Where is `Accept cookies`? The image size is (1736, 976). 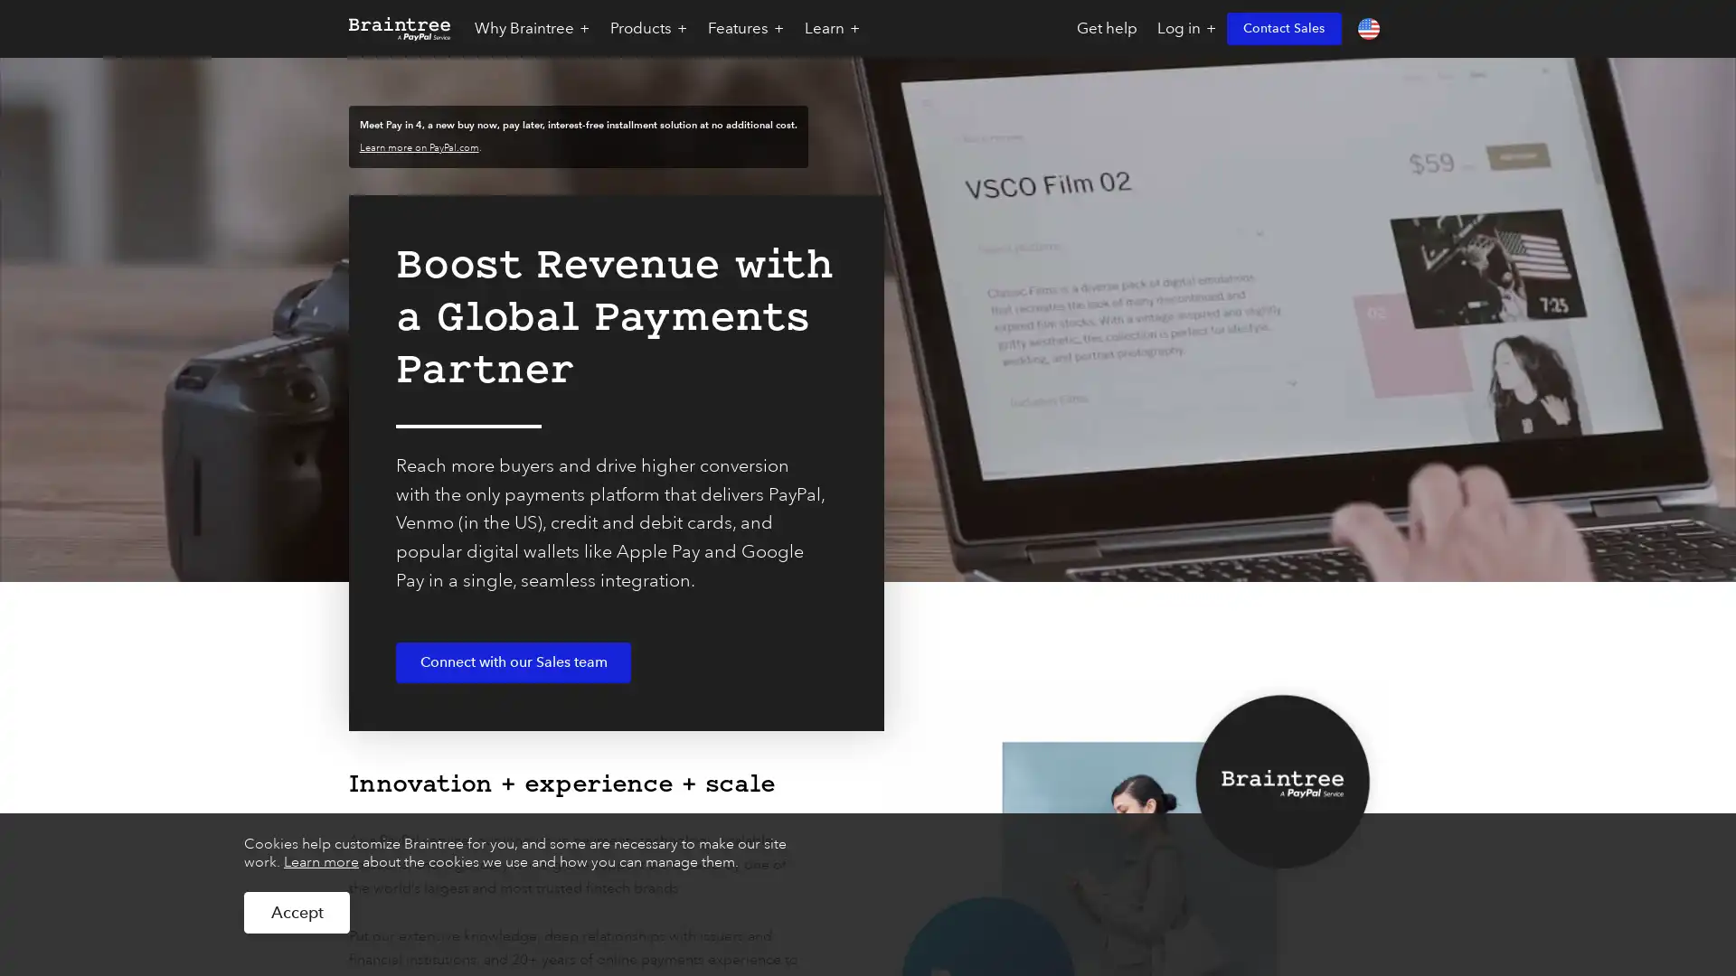 Accept cookies is located at coordinates (297, 912).